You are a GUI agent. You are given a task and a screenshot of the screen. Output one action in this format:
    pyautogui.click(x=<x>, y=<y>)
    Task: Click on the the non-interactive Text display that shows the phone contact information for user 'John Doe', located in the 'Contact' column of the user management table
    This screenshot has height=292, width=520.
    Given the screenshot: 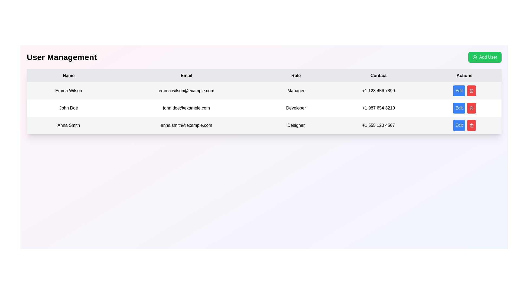 What is the action you would take?
    pyautogui.click(x=378, y=108)
    